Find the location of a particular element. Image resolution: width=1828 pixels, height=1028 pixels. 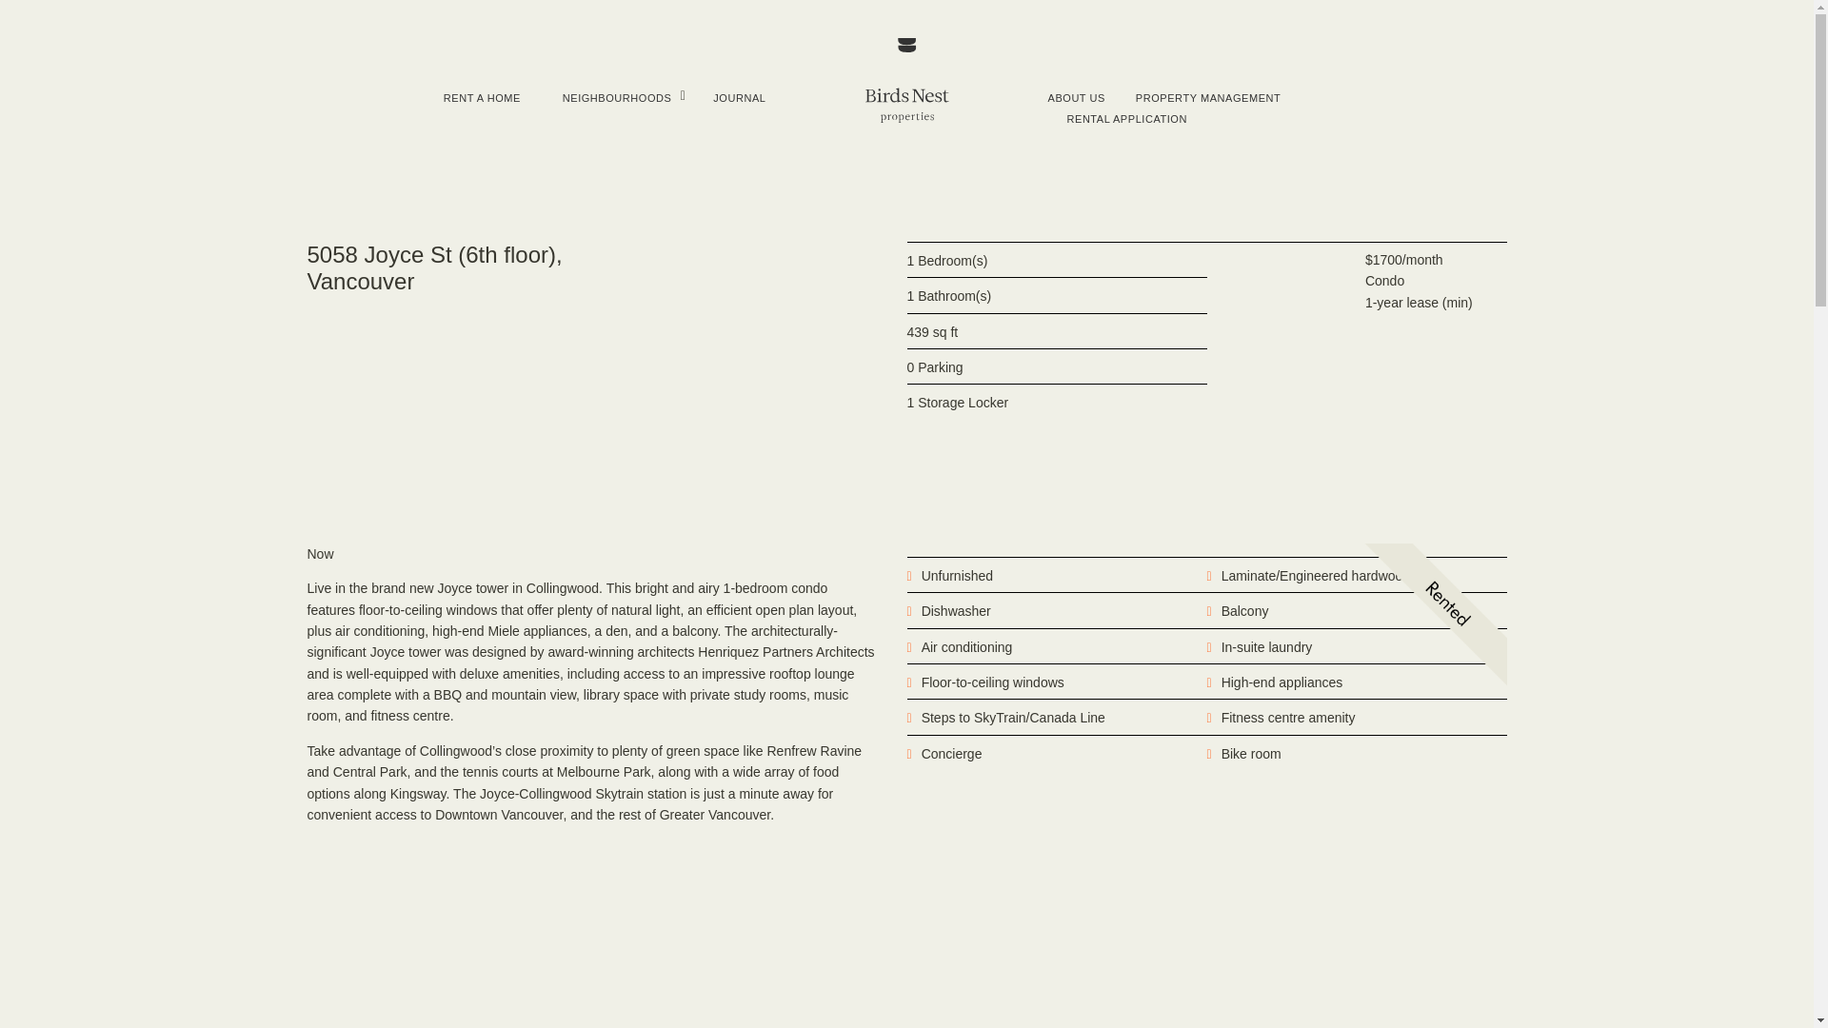

'NEIGHBOURHOODS' is located at coordinates (617, 98).